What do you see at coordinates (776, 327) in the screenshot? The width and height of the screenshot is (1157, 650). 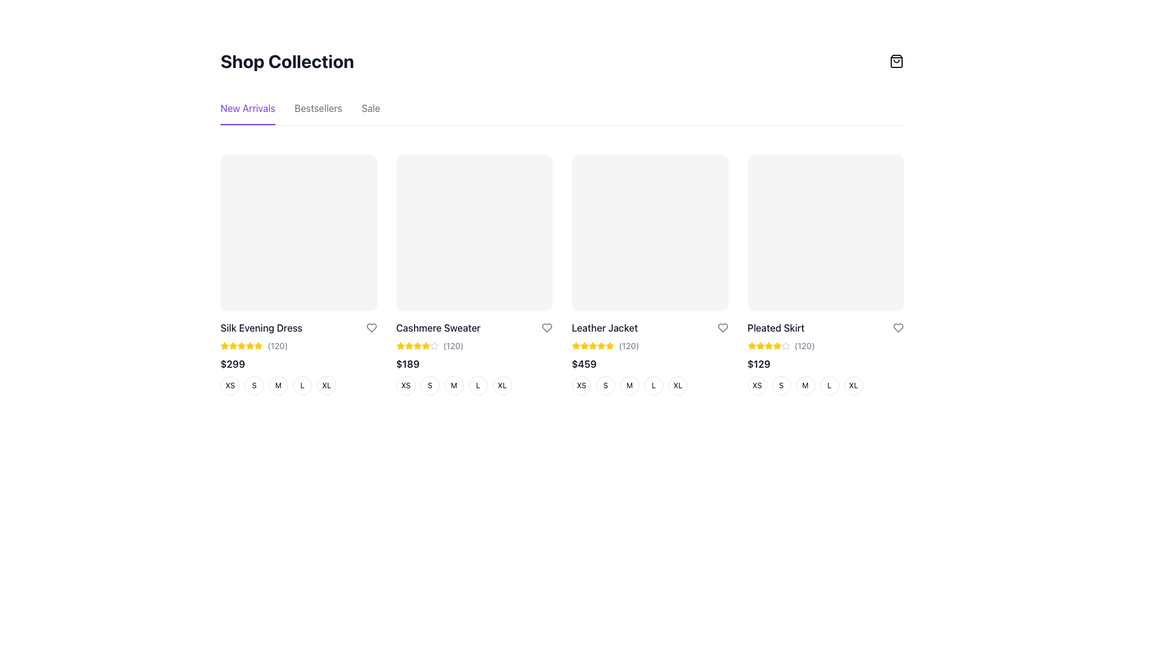 I see `the product name label located in the fourth product card of the product grid in the 'Shop Collection' section, which is positioned beneath the product image and rating, and above the price and size options` at bounding box center [776, 327].